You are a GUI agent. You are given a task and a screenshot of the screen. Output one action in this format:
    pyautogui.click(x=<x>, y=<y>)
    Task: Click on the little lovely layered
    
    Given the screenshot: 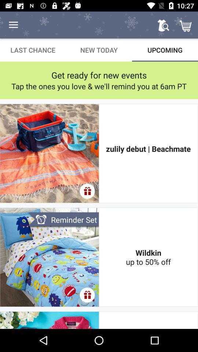 What is the action you would take?
    pyautogui.click(x=148, y=320)
    